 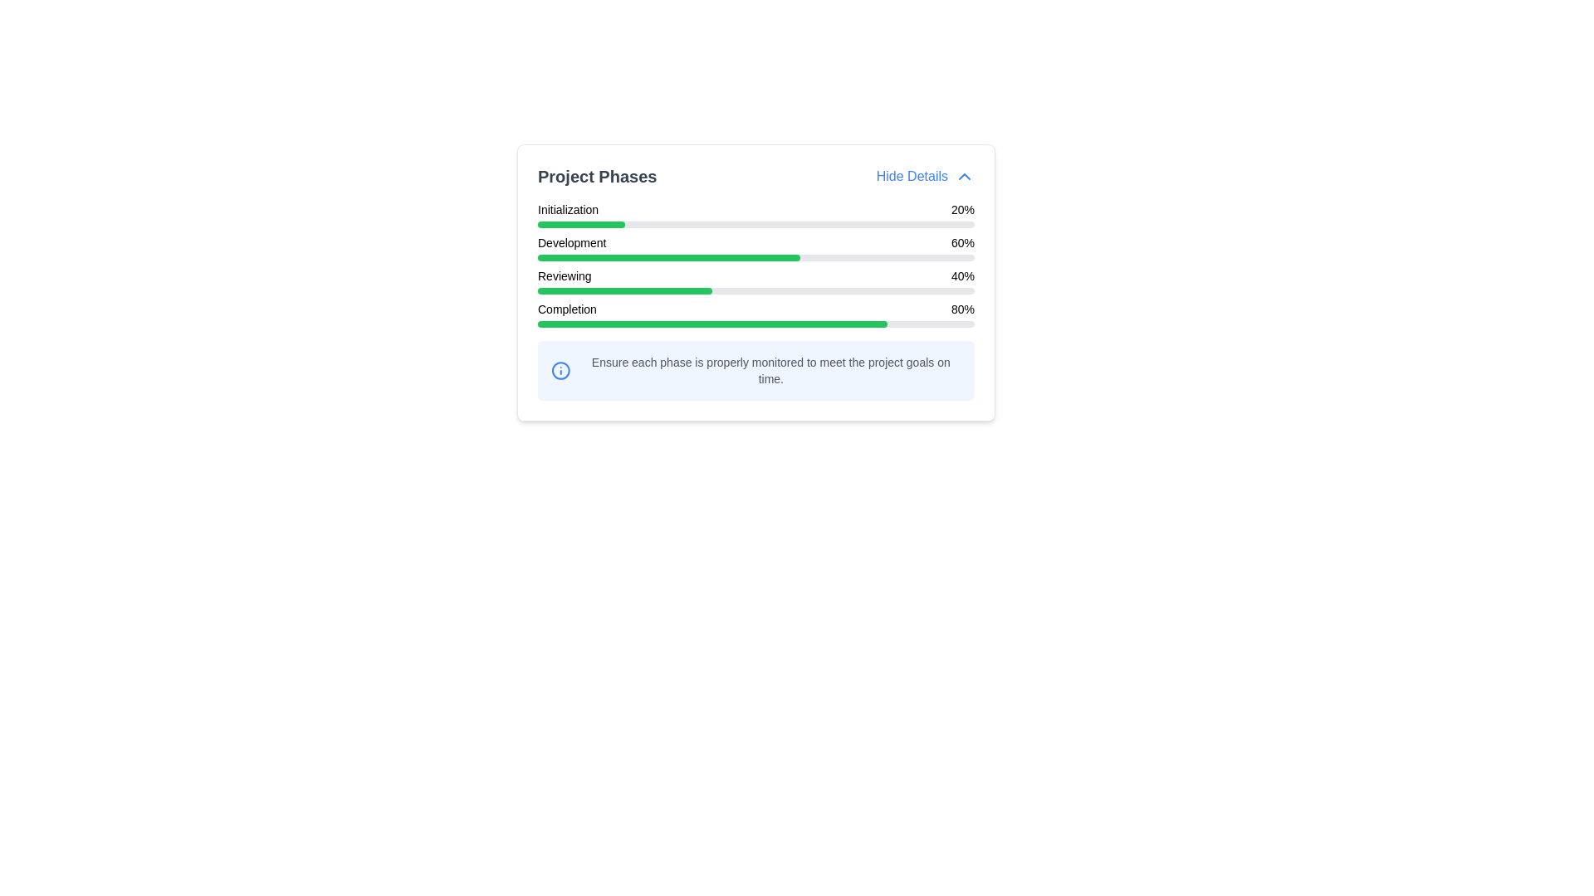 What do you see at coordinates (567, 309) in the screenshot?
I see `the 'Completion' text label located within the white card interface, which is directly below the 'Reviewing' label and above related completion information, to associate it conceptually with the progress bar it labels` at bounding box center [567, 309].